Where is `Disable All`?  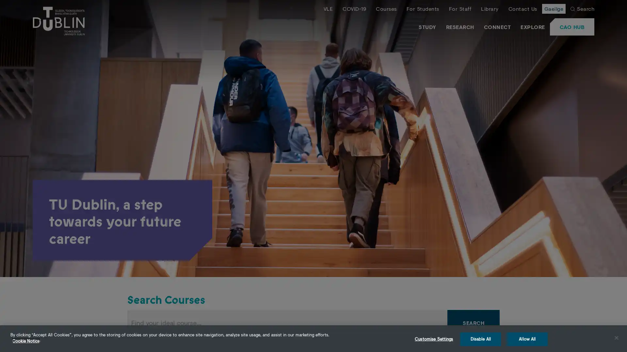
Disable All is located at coordinates (480, 339).